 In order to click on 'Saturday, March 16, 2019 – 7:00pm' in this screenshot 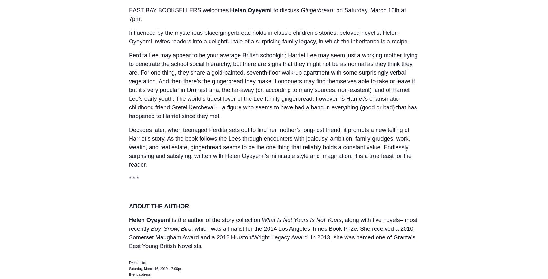, I will do `click(155, 268)`.